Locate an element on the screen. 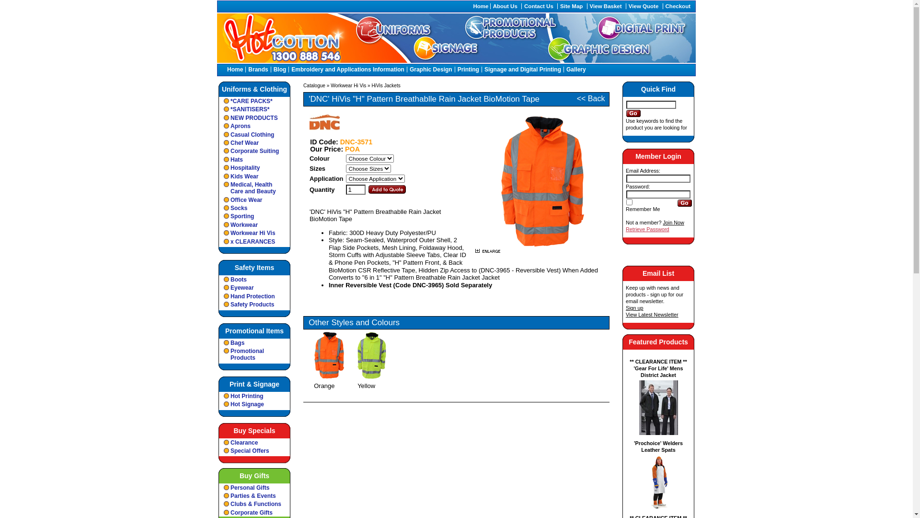 This screenshot has width=920, height=518. 'Signage and Digital Printing' is located at coordinates (522, 69).